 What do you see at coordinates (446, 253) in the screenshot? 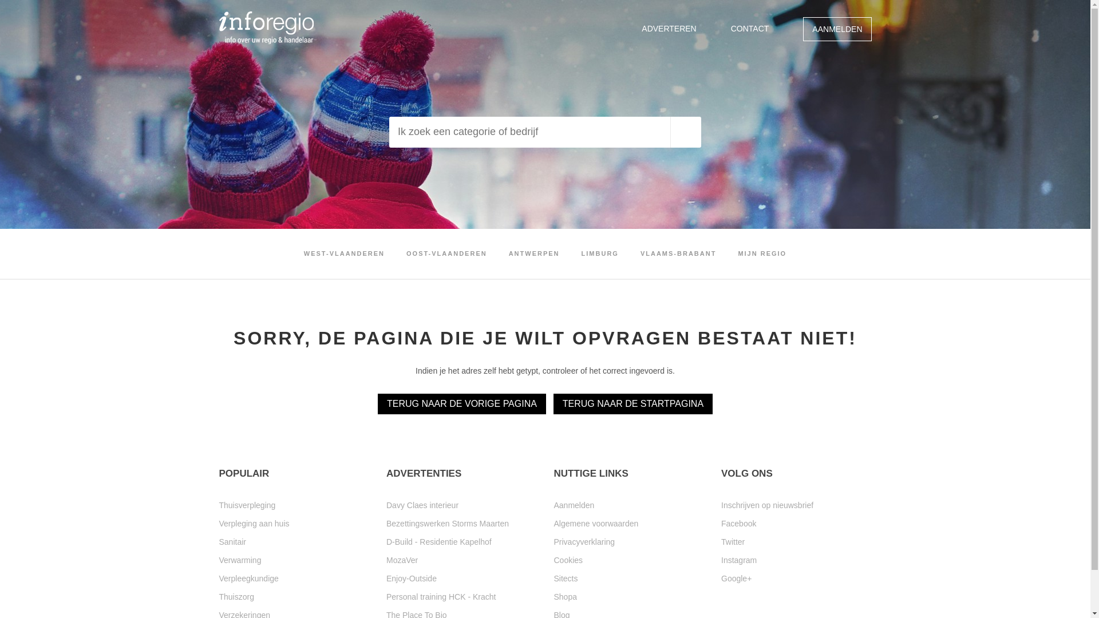
I see `'OOST-VLAANDEREN'` at bounding box center [446, 253].